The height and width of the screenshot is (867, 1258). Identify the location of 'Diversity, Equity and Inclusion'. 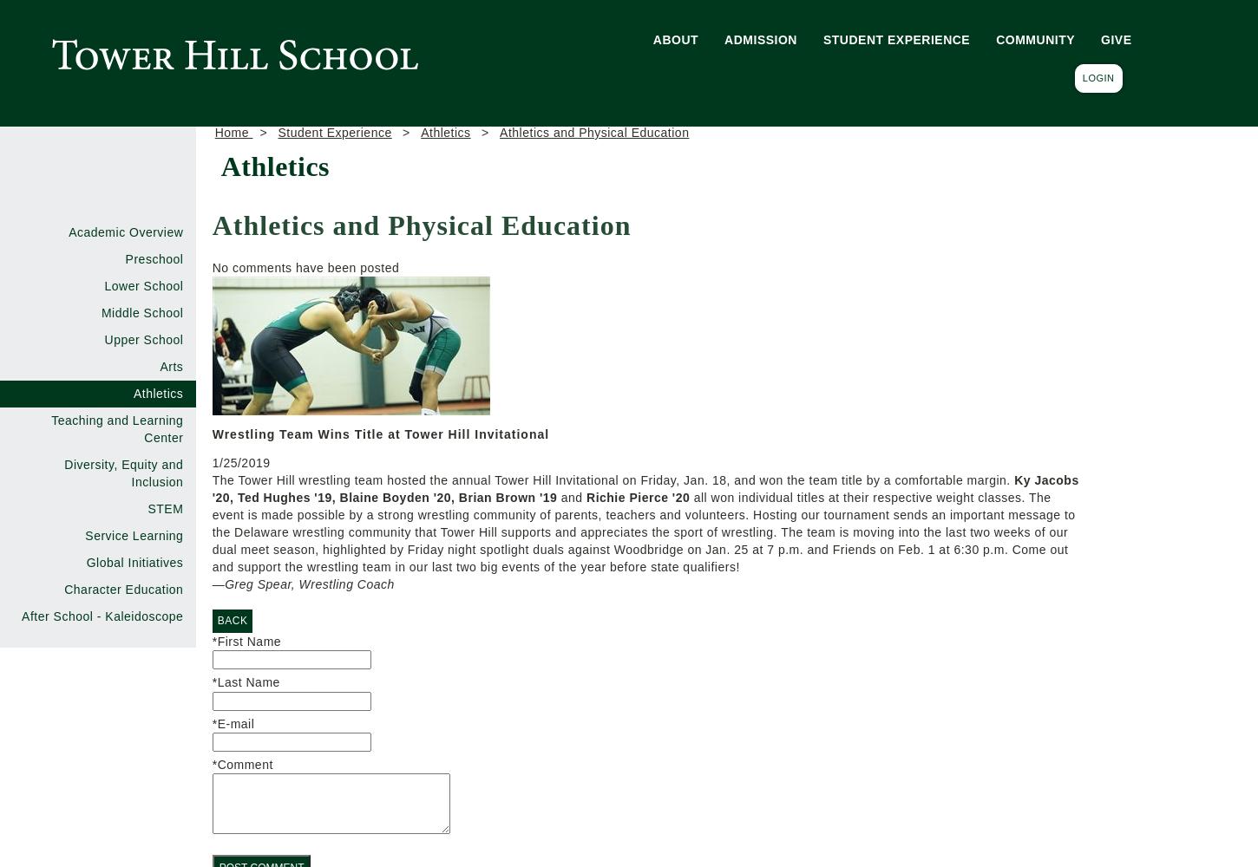
(122, 473).